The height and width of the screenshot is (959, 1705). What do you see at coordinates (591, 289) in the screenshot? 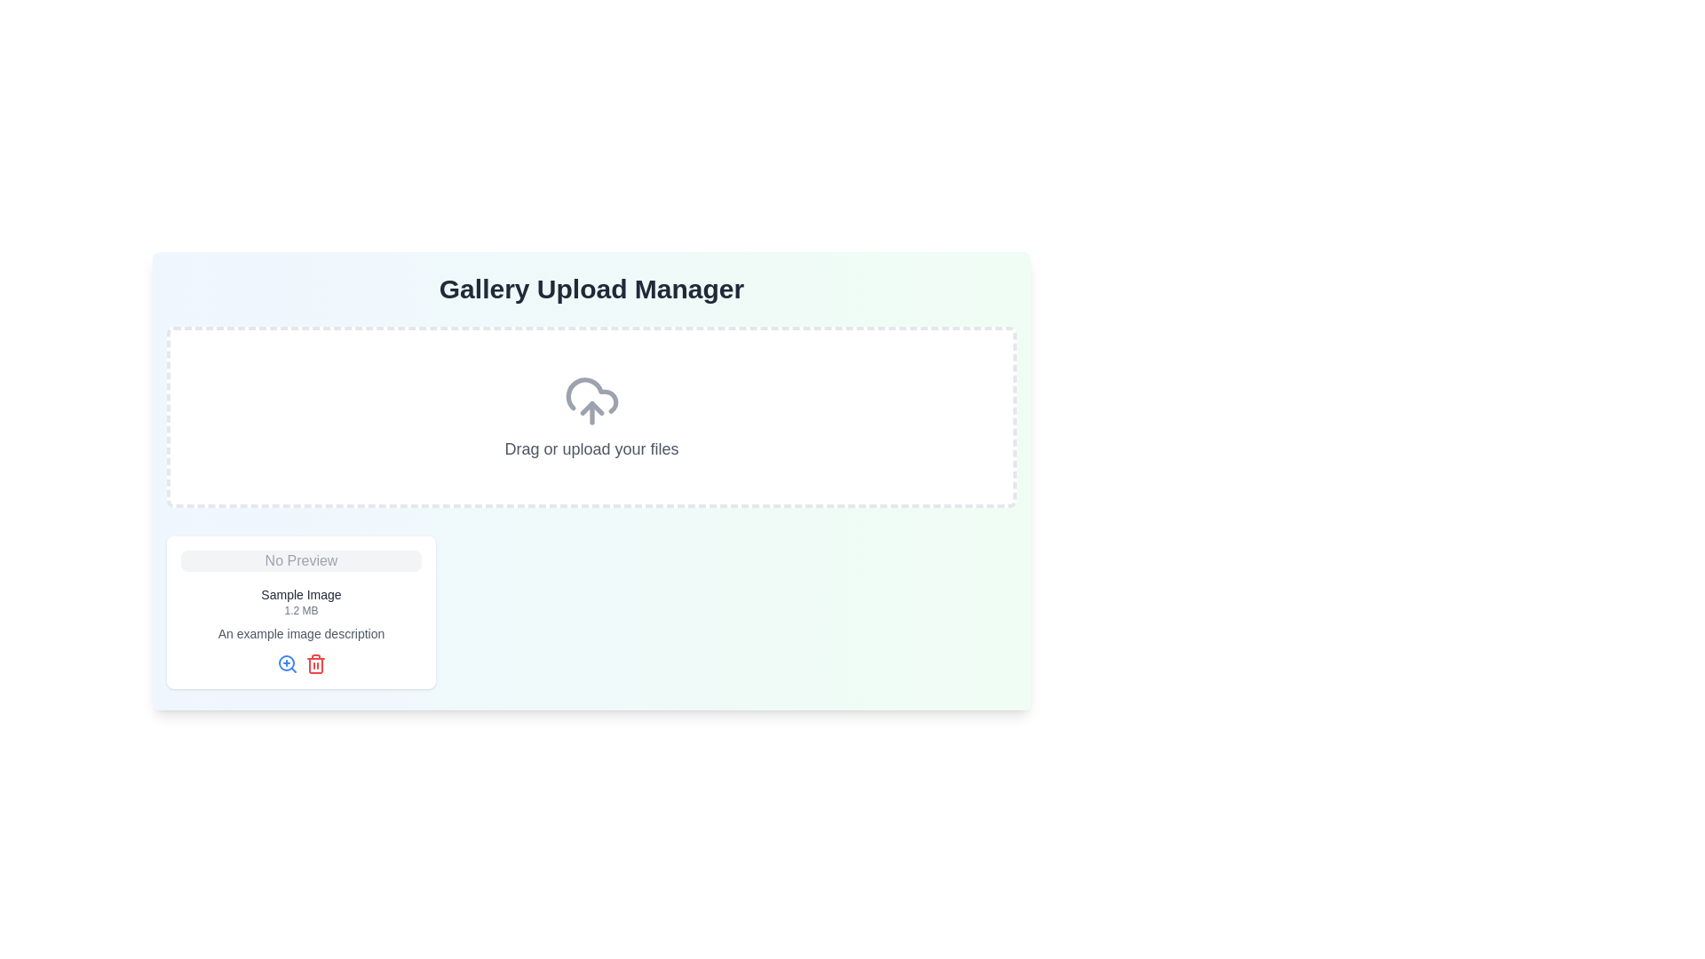
I see `header text 'Gallery Upload Manager' which is prominently displayed at the top center of the section` at bounding box center [591, 289].